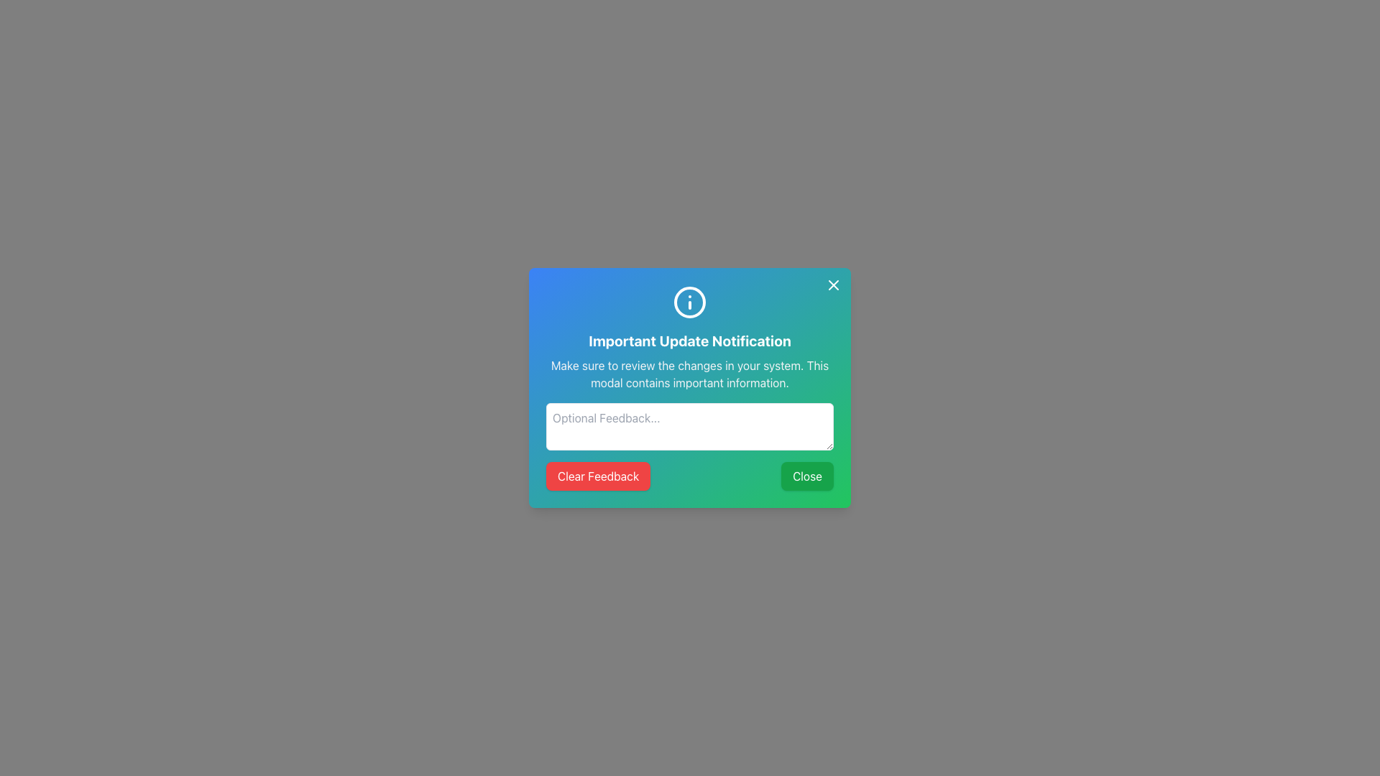  What do you see at coordinates (690, 301) in the screenshot?
I see `the information icon located in the top-center area of the modal, above the title 'Important Update Notification'` at bounding box center [690, 301].